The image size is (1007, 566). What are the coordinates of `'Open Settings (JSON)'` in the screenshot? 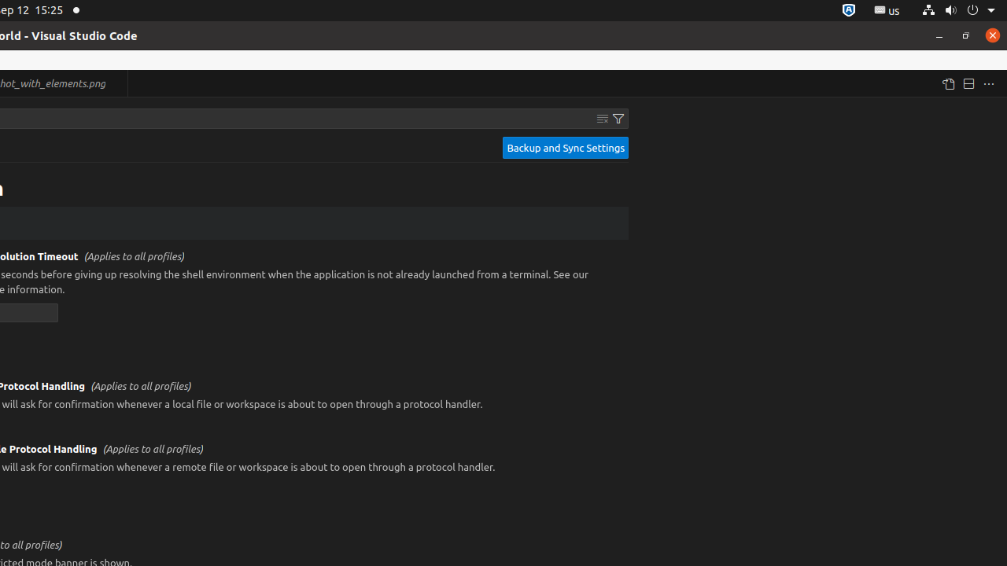 It's located at (946, 83).